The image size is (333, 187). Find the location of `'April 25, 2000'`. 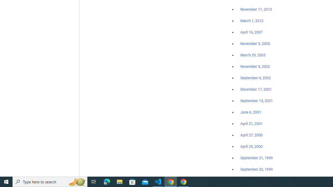

'April 25, 2000' is located at coordinates (252, 146).